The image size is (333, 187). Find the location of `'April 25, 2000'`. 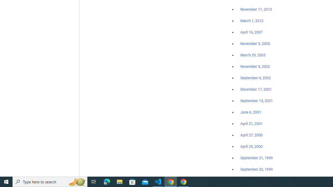

'April 25, 2000' is located at coordinates (252, 146).